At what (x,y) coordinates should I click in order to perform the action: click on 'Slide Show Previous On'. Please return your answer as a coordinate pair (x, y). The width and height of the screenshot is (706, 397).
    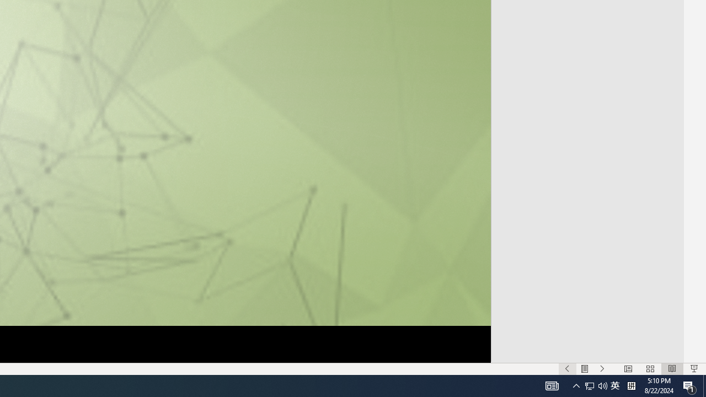
    Looking at the image, I should click on (567, 369).